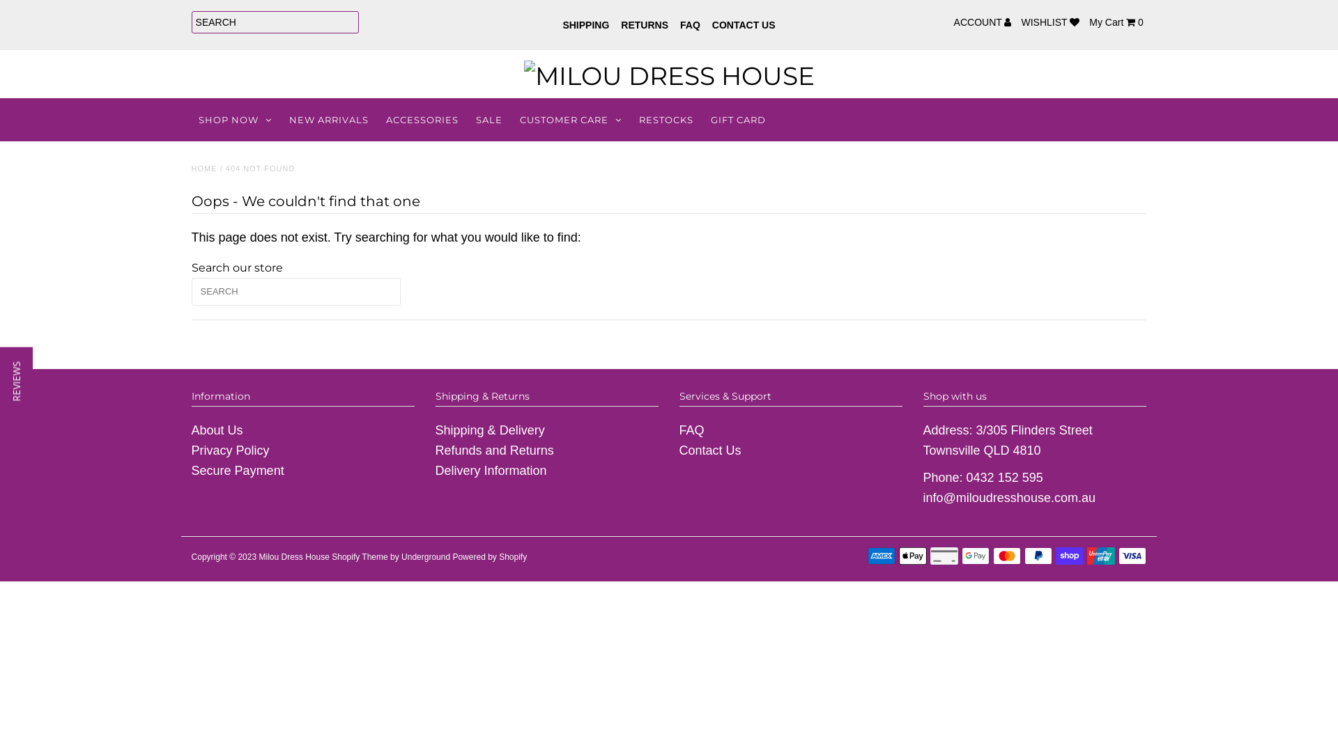 Image resolution: width=1338 pixels, height=752 pixels. Describe the element at coordinates (665, 119) in the screenshot. I see `'RESTOCKS'` at that location.